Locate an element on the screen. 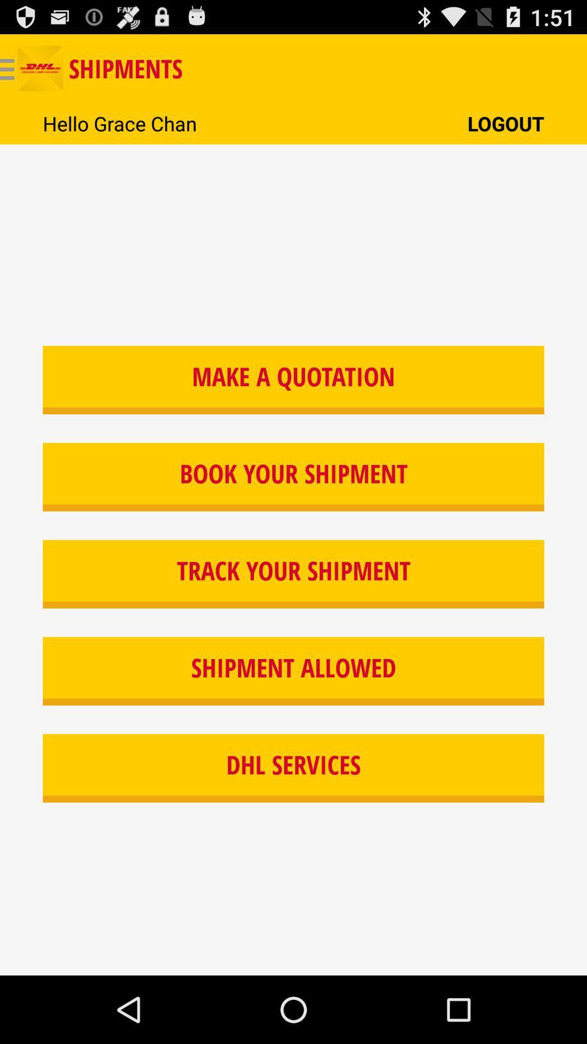 Image resolution: width=587 pixels, height=1044 pixels. the icon next to the hello grace chan icon is located at coordinates (505, 123).